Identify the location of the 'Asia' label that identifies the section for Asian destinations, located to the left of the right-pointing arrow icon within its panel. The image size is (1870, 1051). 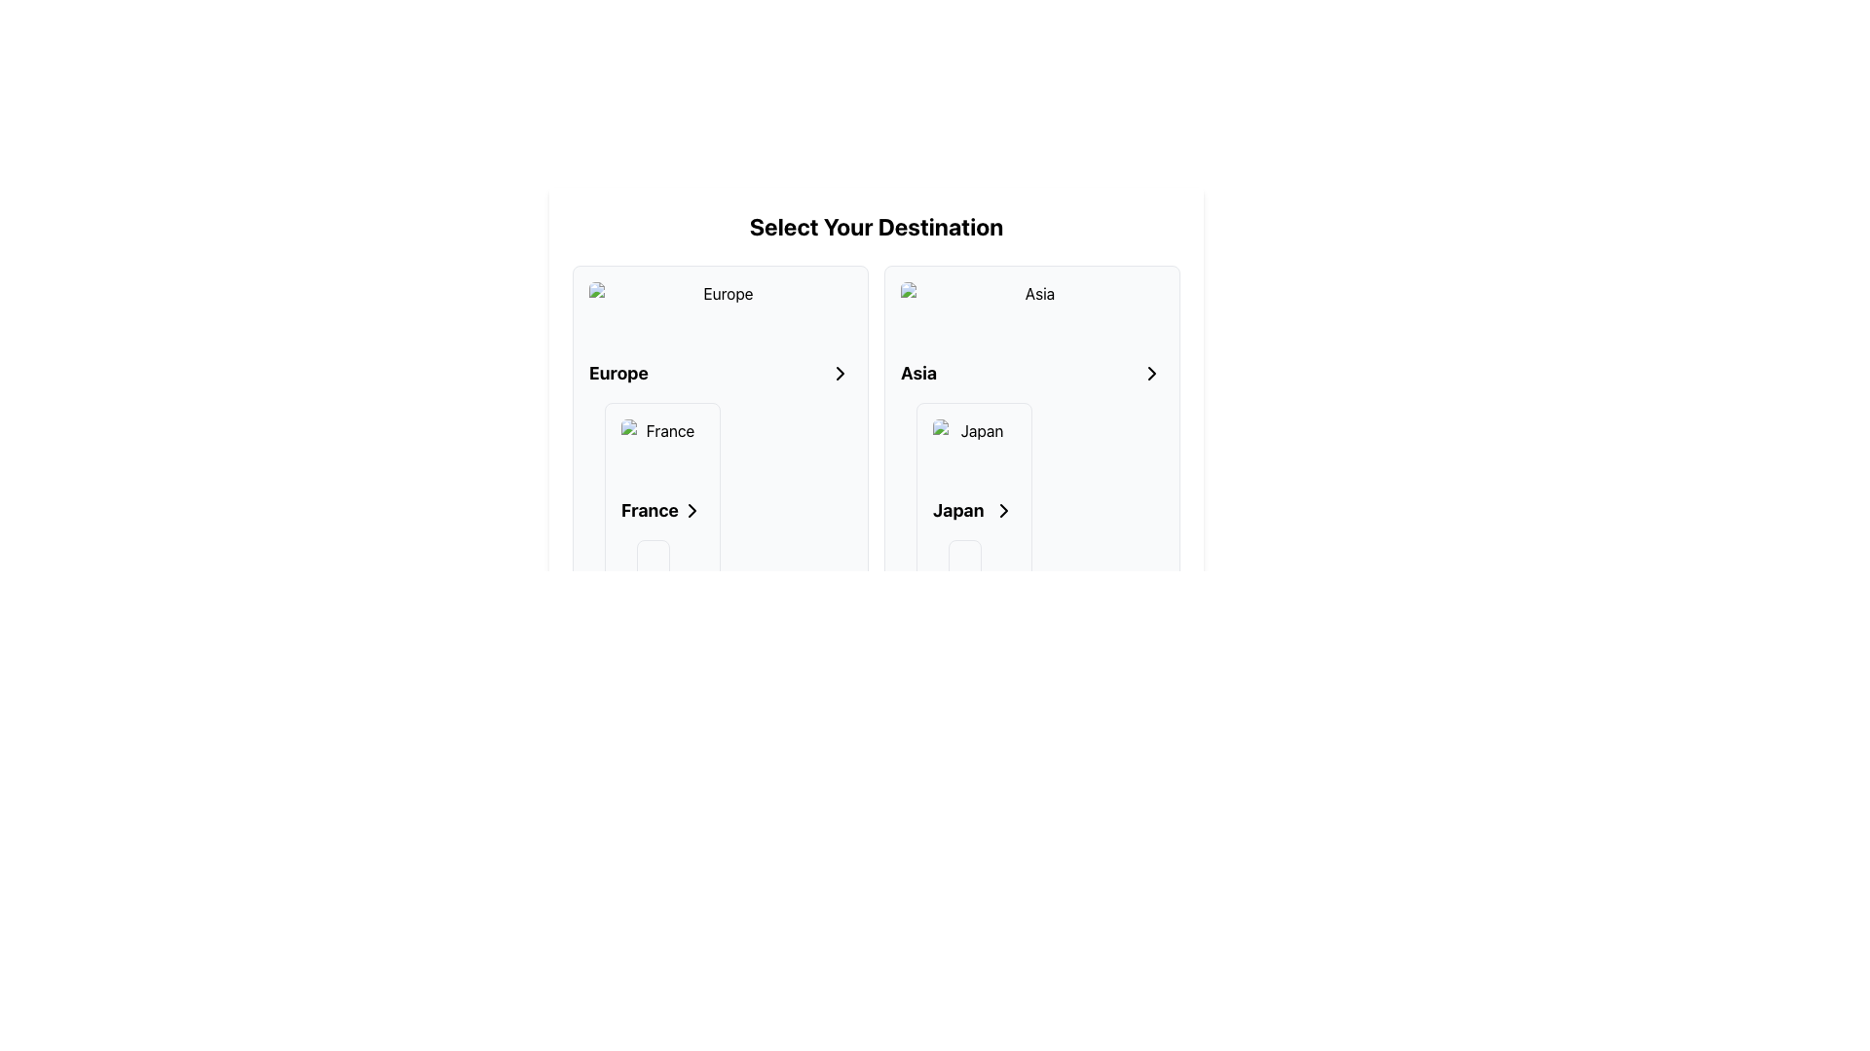
(917, 374).